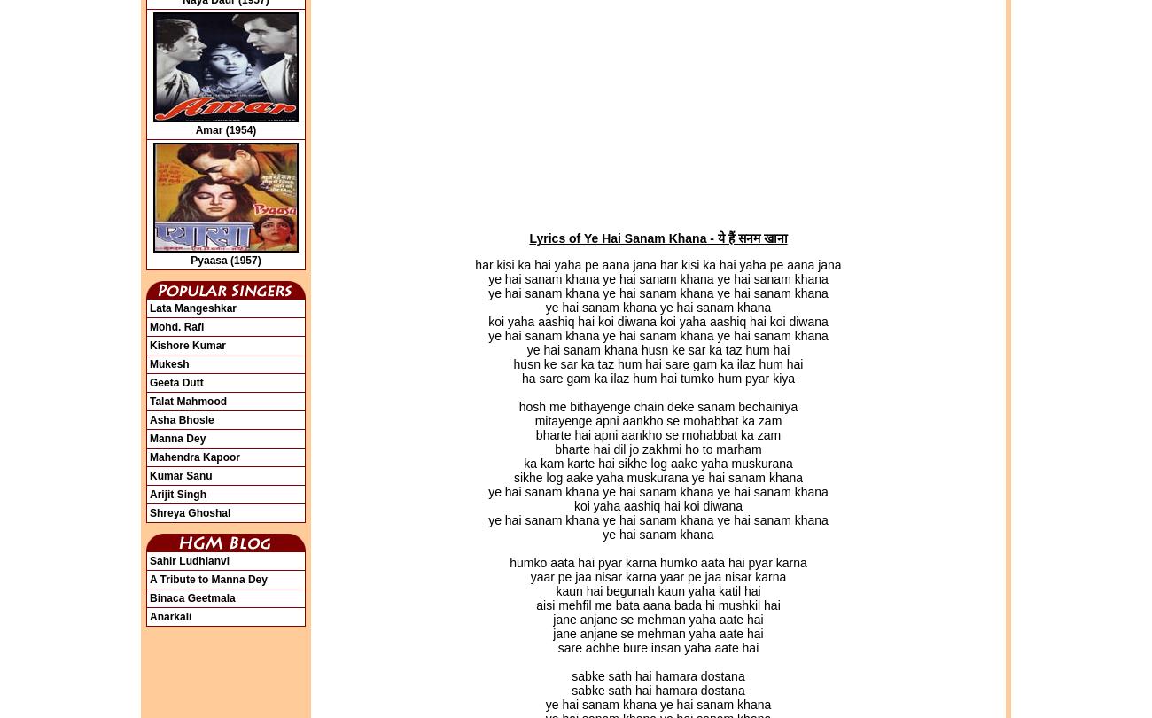 This screenshot has height=718, width=1152. What do you see at coordinates (658, 534) in the screenshot?
I see `'ye hai sanam khana'` at bounding box center [658, 534].